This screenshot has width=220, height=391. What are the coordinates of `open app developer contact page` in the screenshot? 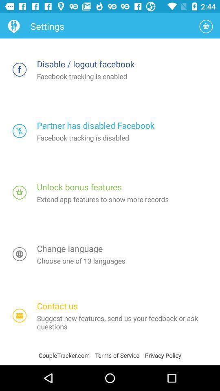 It's located at (20, 315).